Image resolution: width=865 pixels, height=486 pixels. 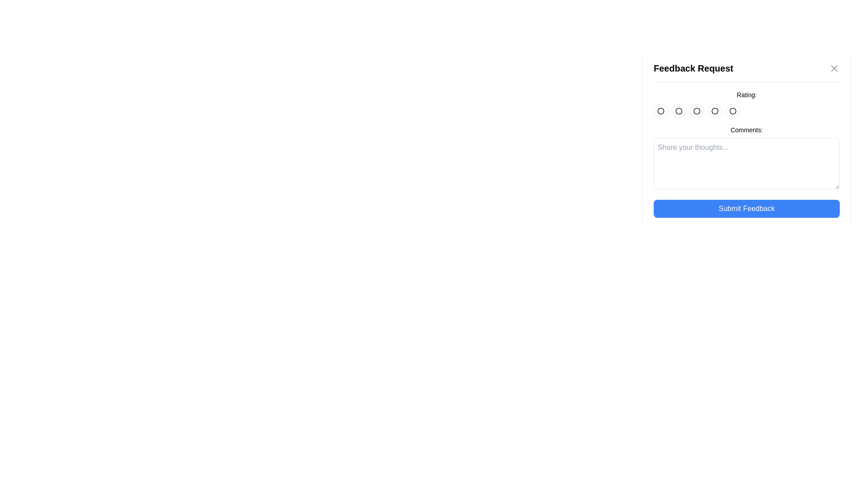 I want to click on the fourth circle icon in the feedback rating system, so click(x=715, y=110).